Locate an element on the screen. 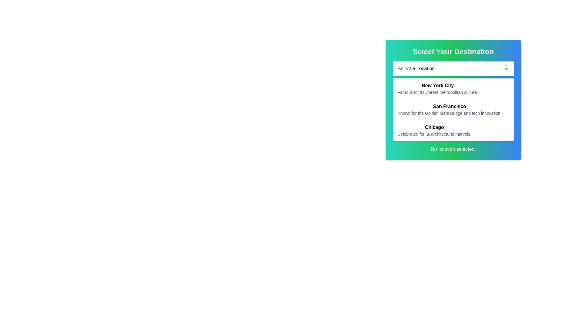 The width and height of the screenshot is (582, 327). the descriptive text element about 'San Francisco,' which is located directly below the title in the section labeled 'San Francisco.' is located at coordinates (450, 113).